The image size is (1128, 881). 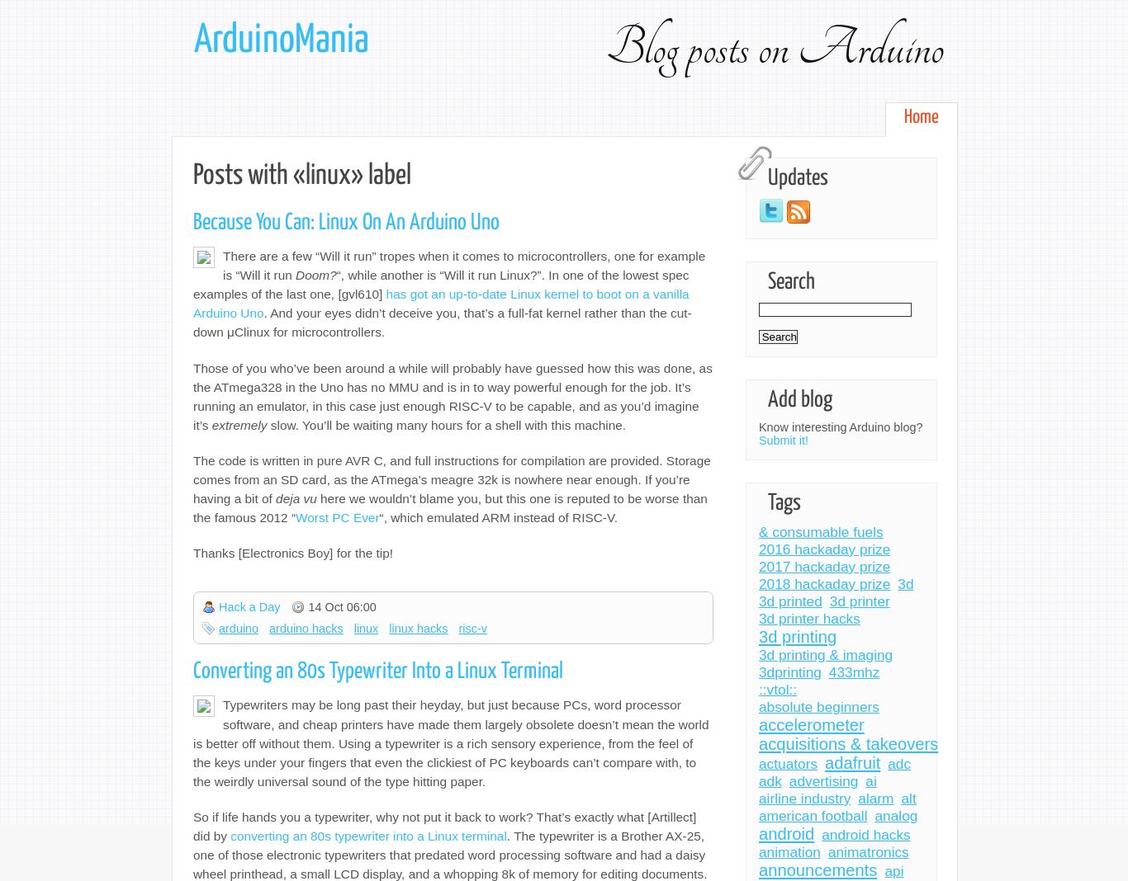 What do you see at coordinates (784, 502) in the screenshot?
I see `'Tags'` at bounding box center [784, 502].